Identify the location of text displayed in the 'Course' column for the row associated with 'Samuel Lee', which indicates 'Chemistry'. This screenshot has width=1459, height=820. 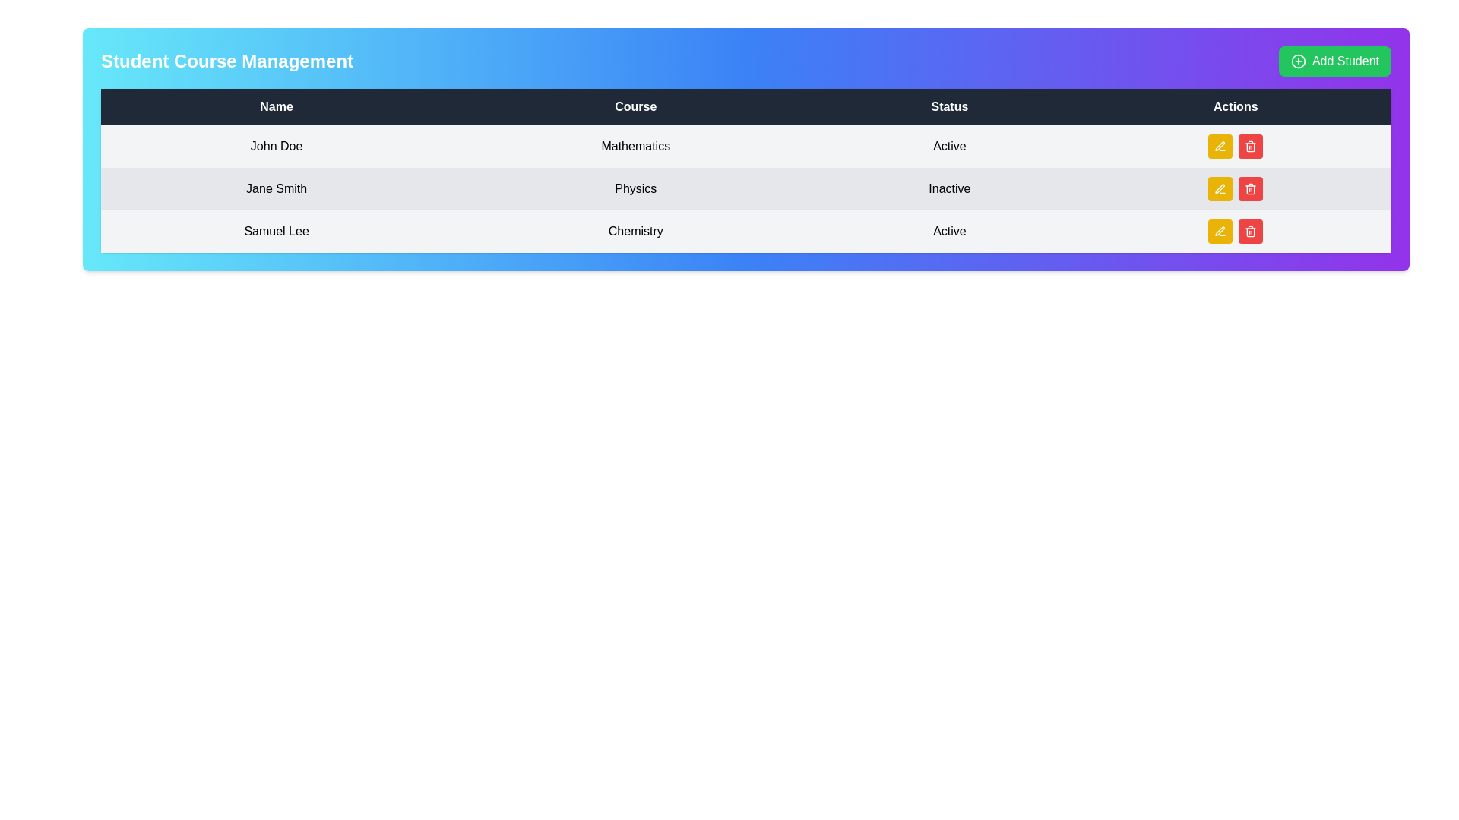
(635, 231).